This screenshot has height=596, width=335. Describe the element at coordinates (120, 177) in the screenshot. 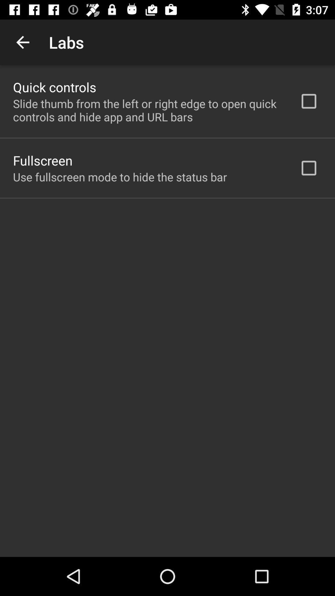

I see `the use fullscreen mode item` at that location.